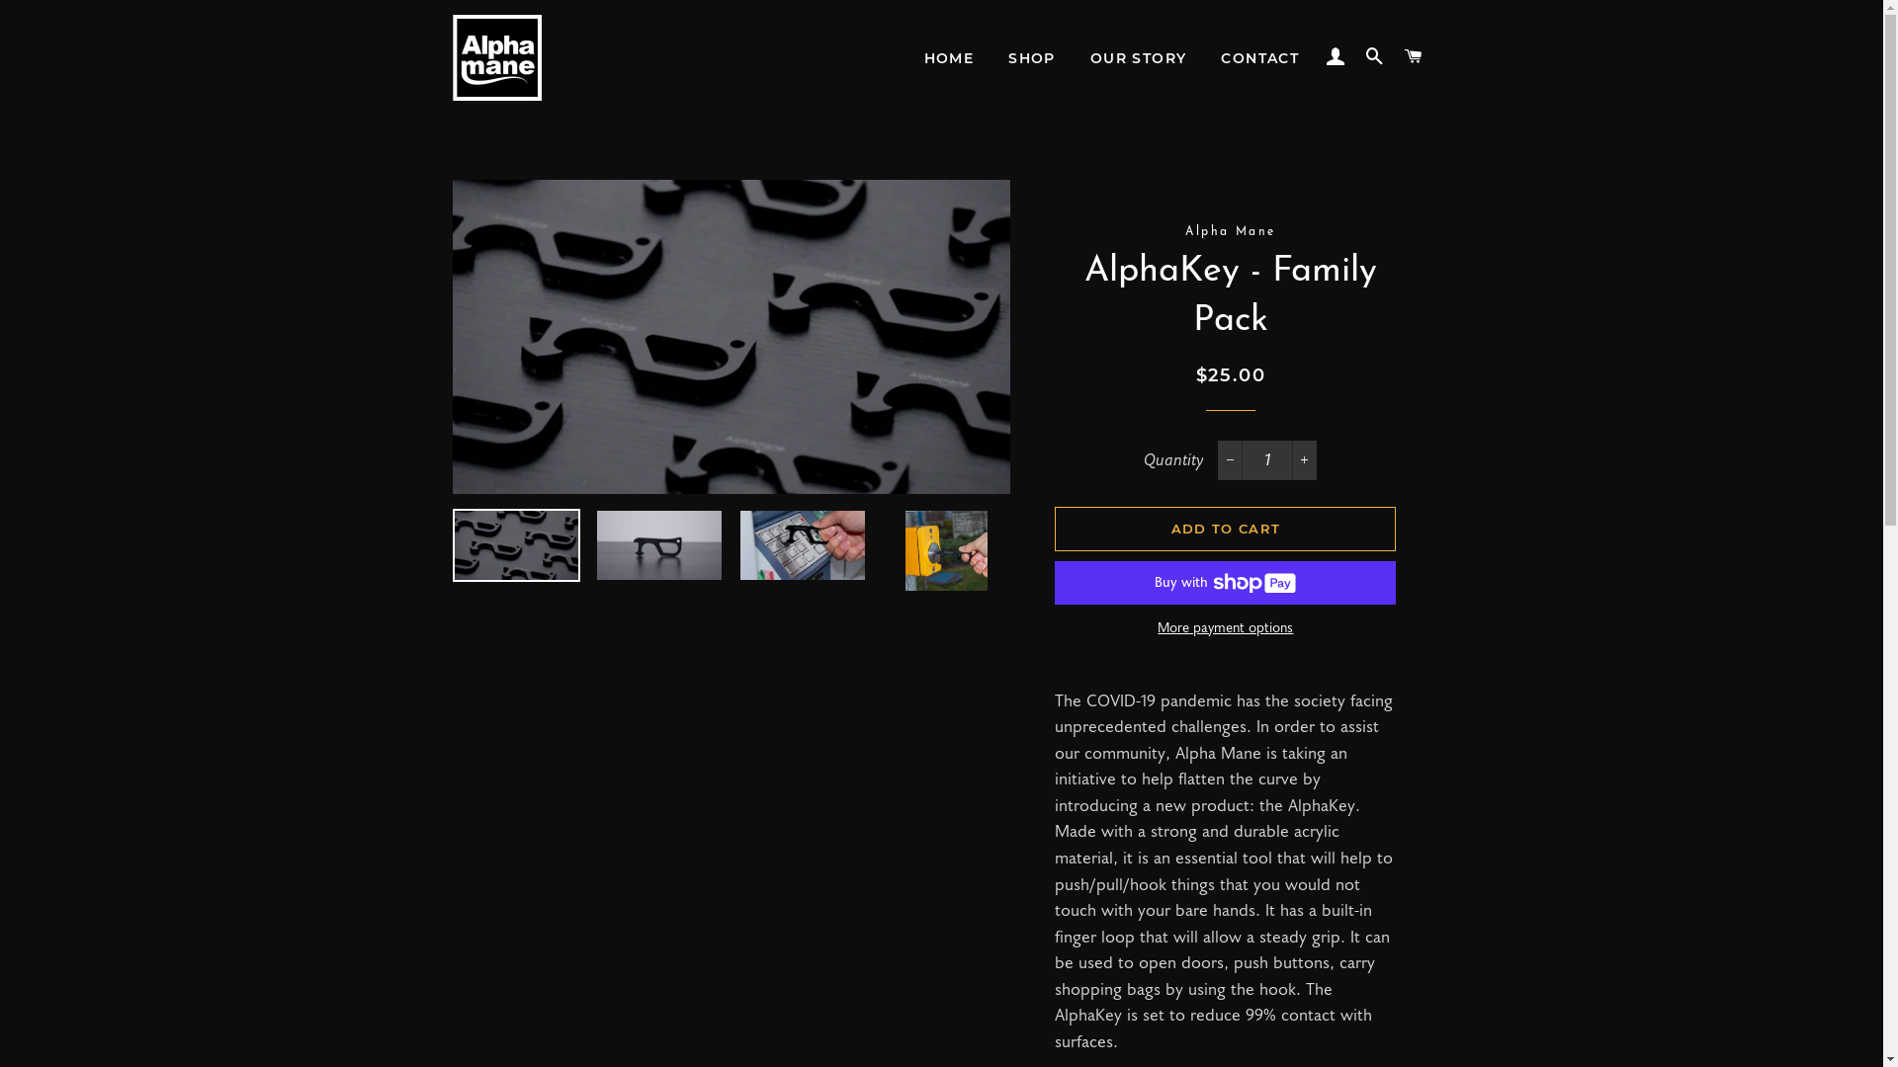 The image size is (1898, 1067). Describe the element at coordinates (1053, 528) in the screenshot. I see `'ADD TO CART'` at that location.